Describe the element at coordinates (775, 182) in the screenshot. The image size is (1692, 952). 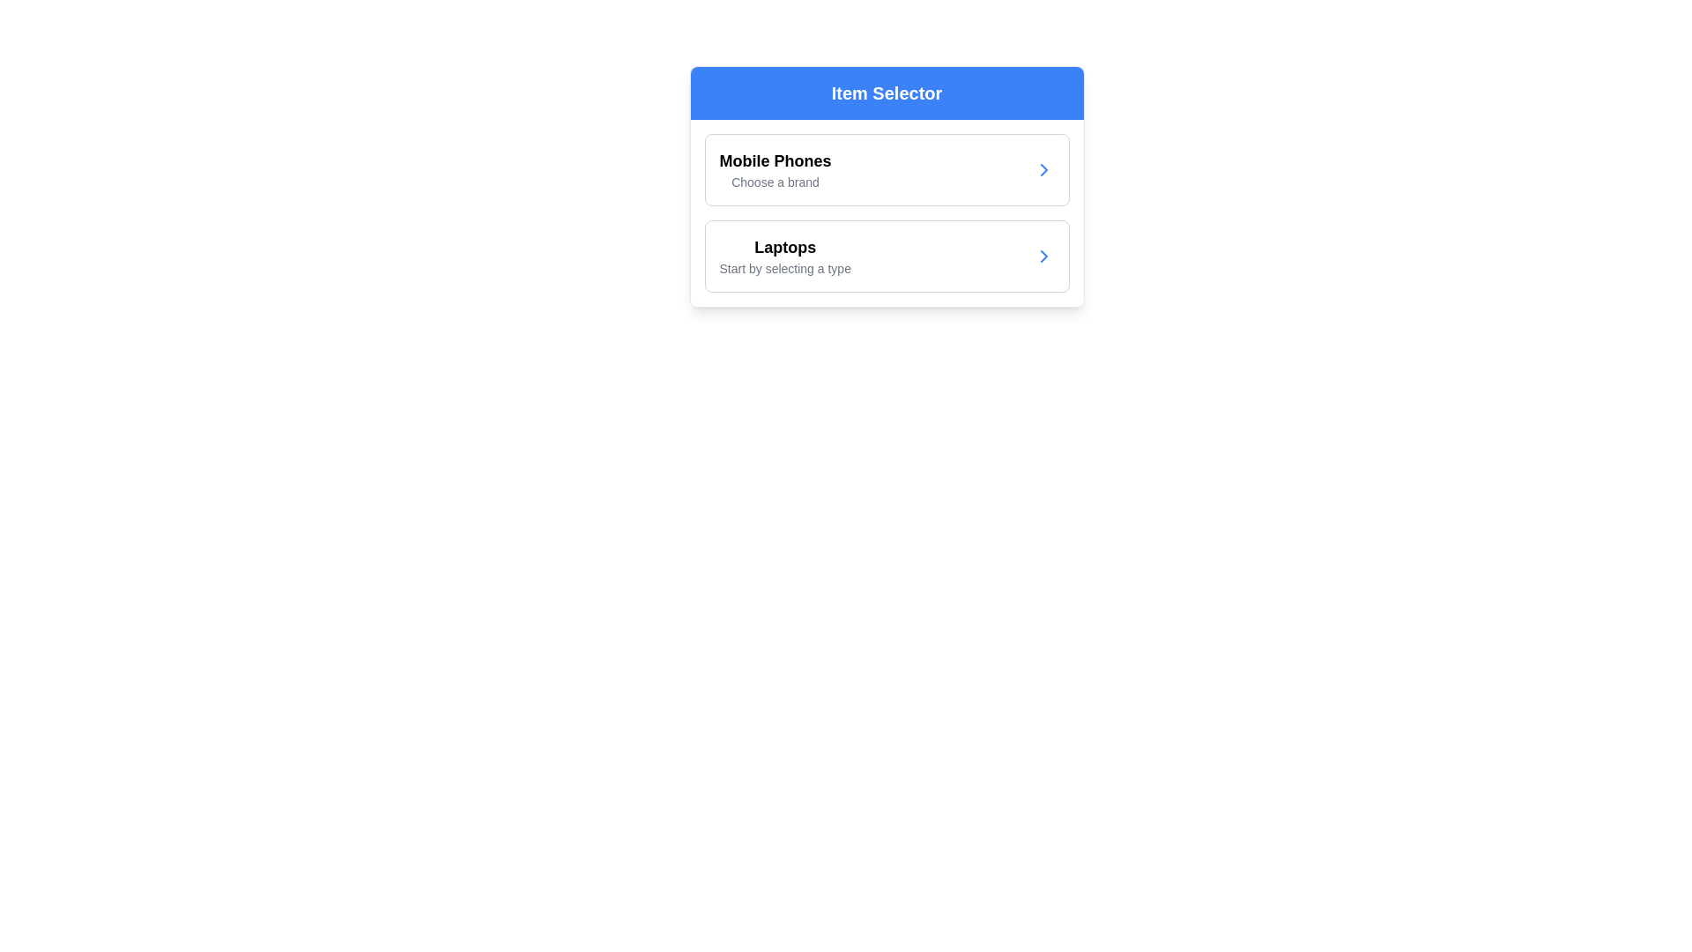
I see `descriptive or instructive static text located in the 'Mobile Phones' section, positioned directly below the bold 'Mobile Phones' title` at that location.